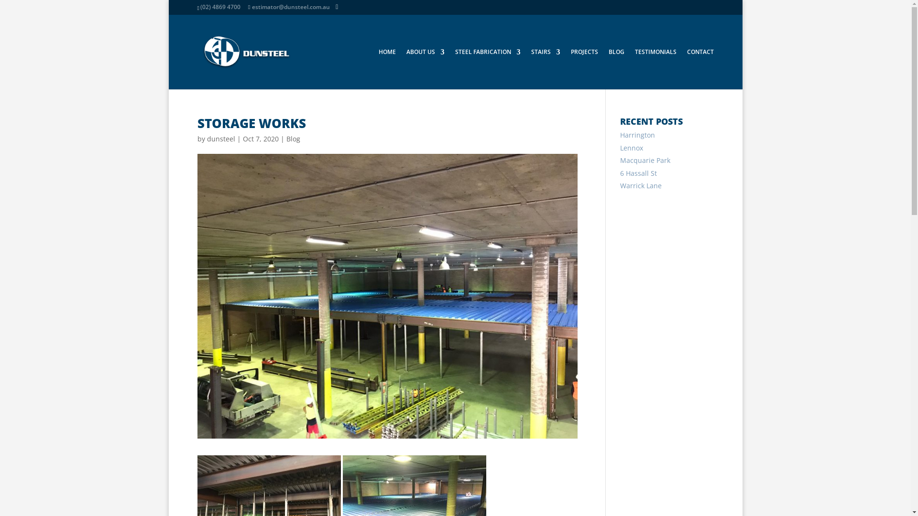 This screenshot has height=516, width=918. What do you see at coordinates (631, 148) in the screenshot?
I see `'Lennox'` at bounding box center [631, 148].